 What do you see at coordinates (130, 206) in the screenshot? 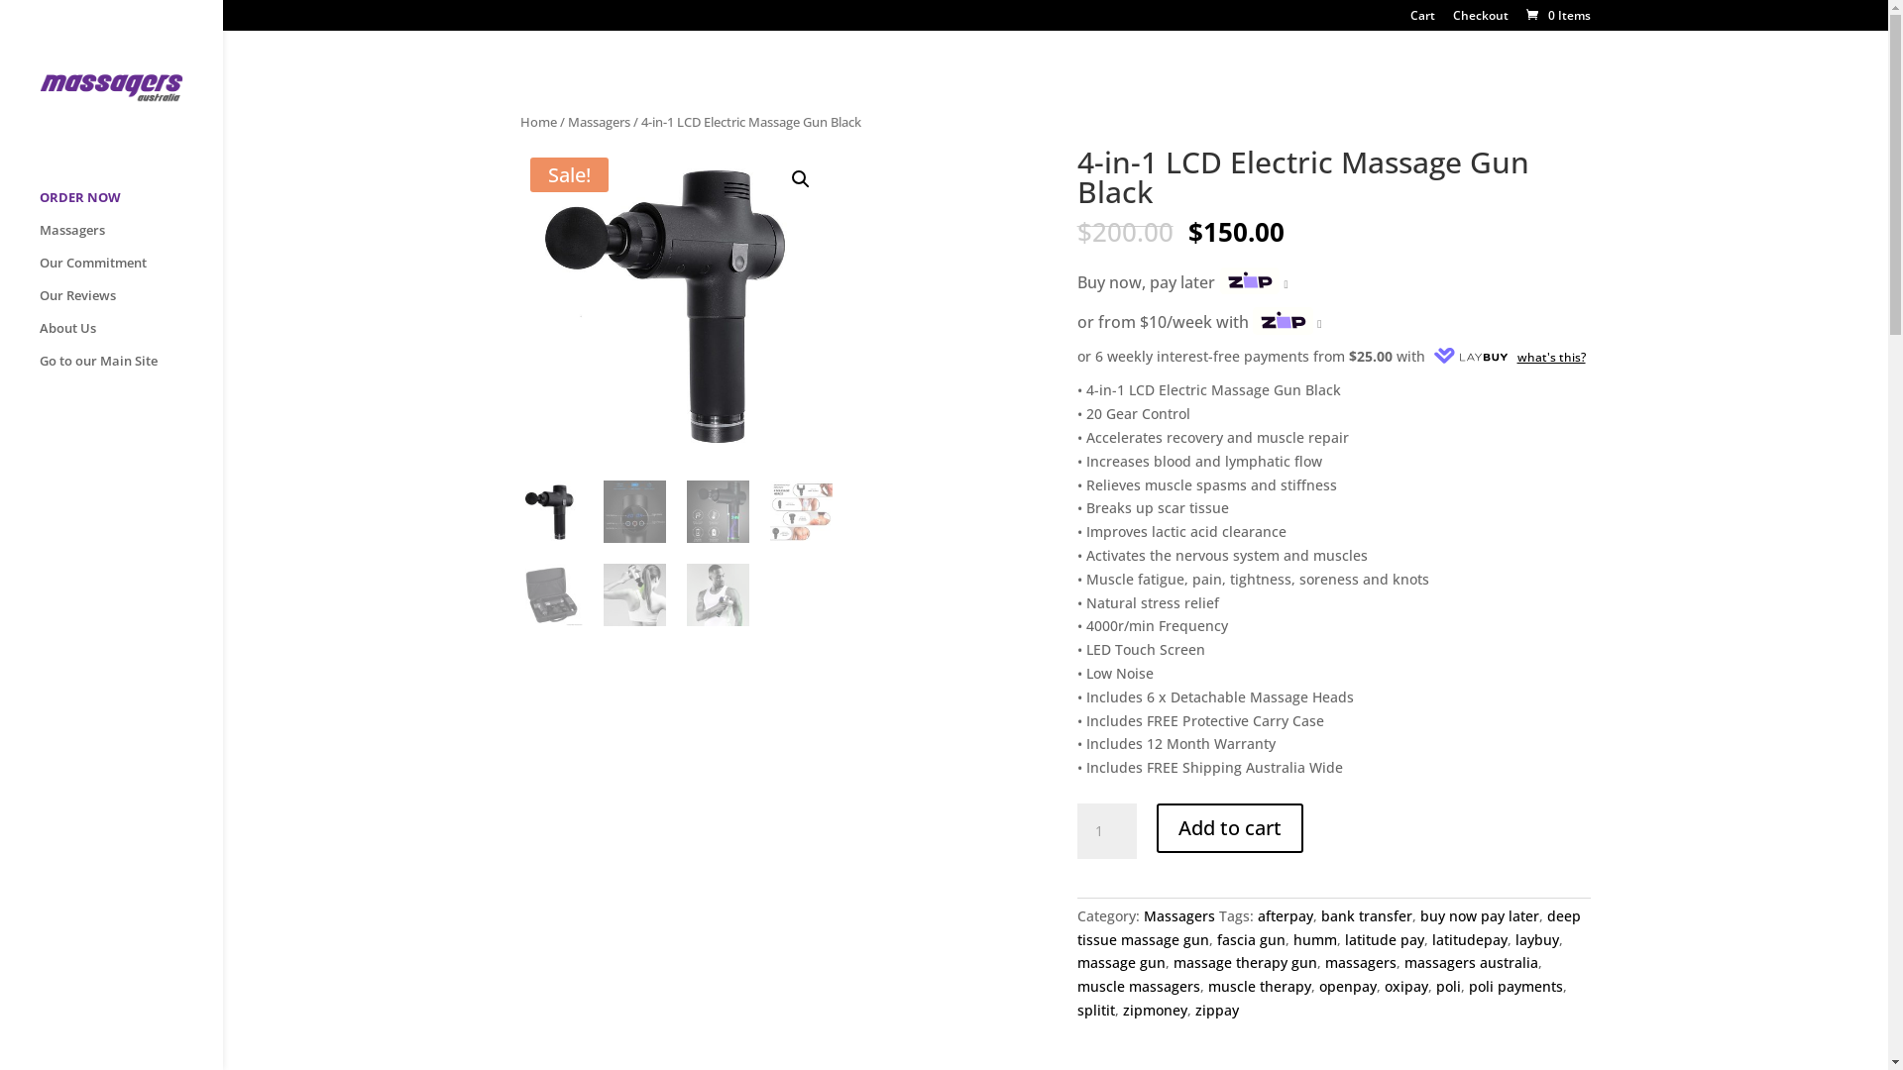
I see `'ORDER NOW'` at bounding box center [130, 206].